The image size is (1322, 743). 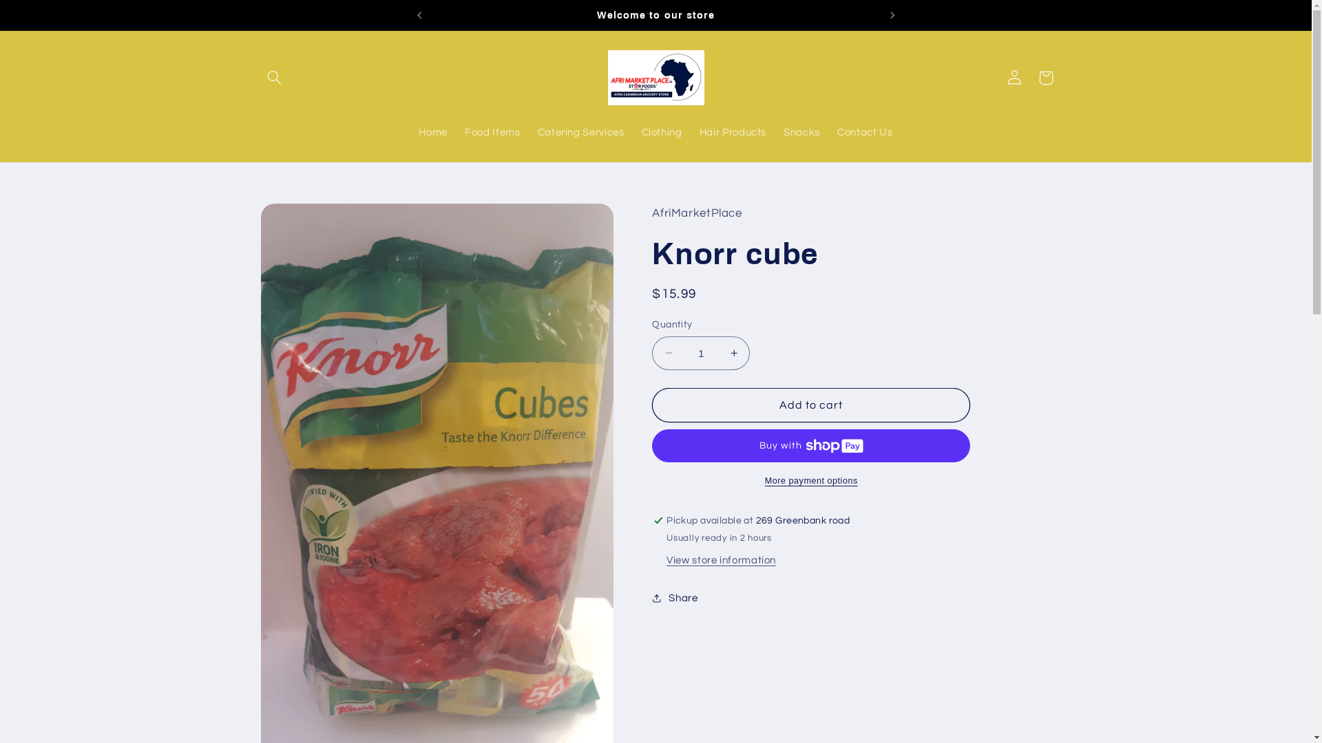 I want to click on 'Cart', so click(x=1030, y=77).